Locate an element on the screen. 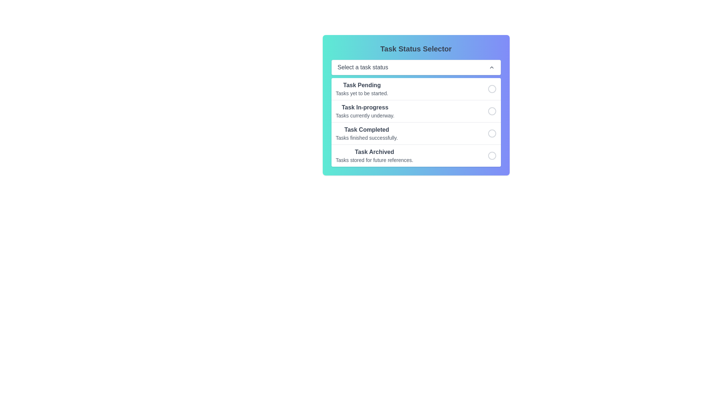  the circular radio button next to 'Task Archived', which is unselected and has a thin border is located at coordinates (492, 155).